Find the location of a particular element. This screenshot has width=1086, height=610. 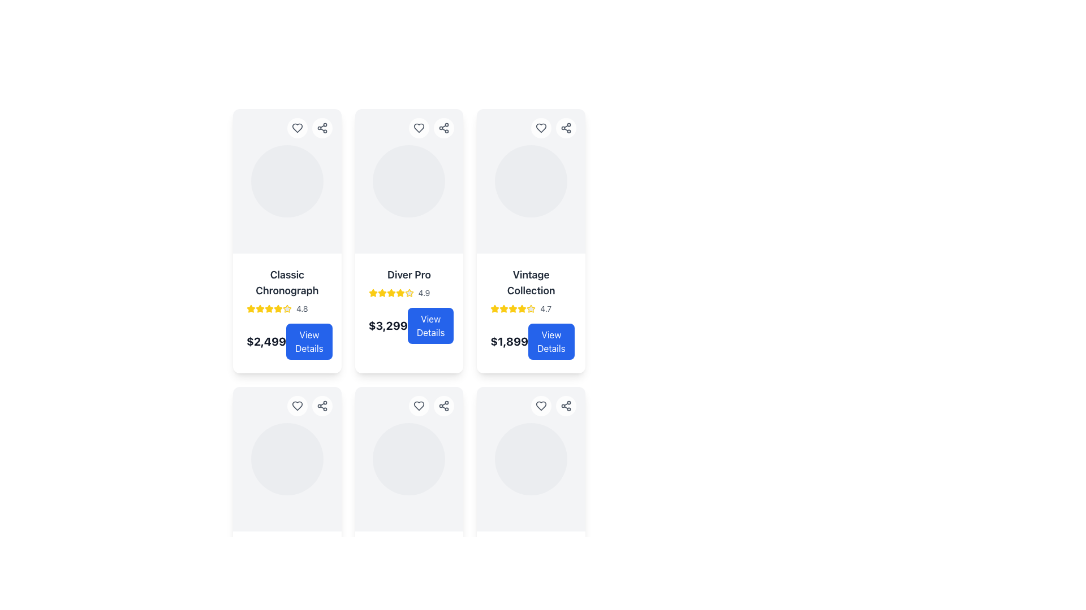

the yellow-filled star icon located beneath the product name 'Diver Pro' in the second card of the top row is located at coordinates (400, 292).